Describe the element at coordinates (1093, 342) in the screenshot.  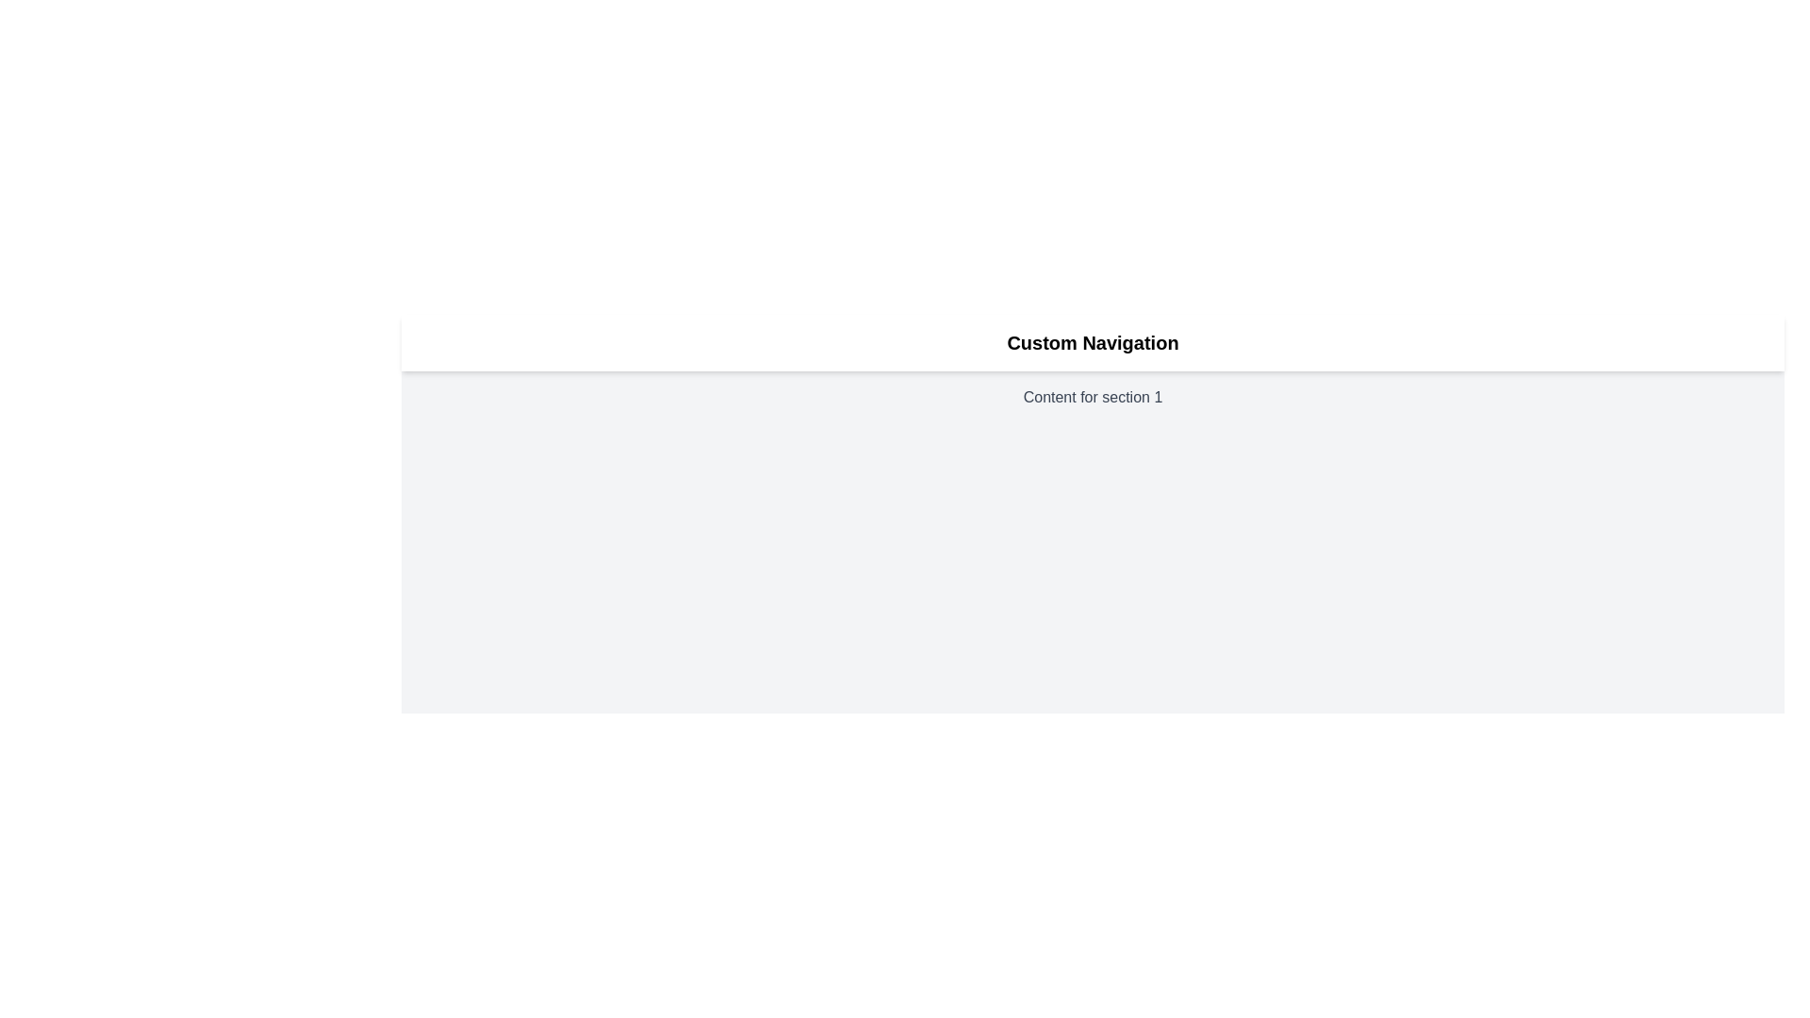
I see `the 'Custom Navigation' text label which is prominently displayed in a bold and large font at the top of the content area` at that location.